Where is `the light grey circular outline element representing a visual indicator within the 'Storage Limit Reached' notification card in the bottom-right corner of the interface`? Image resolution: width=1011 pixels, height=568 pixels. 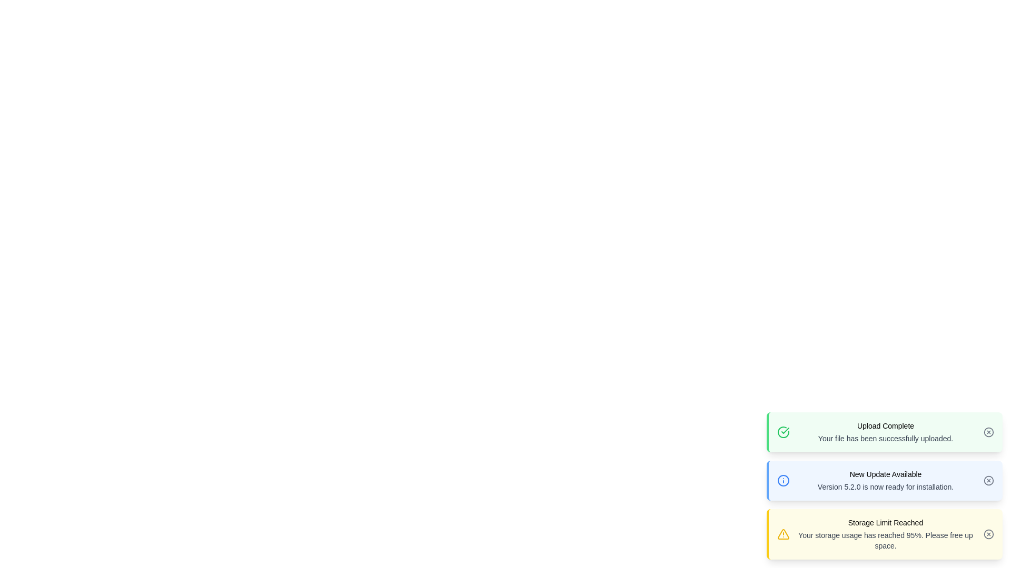 the light grey circular outline element representing a visual indicator within the 'Storage Limit Reached' notification card in the bottom-right corner of the interface is located at coordinates (988, 534).